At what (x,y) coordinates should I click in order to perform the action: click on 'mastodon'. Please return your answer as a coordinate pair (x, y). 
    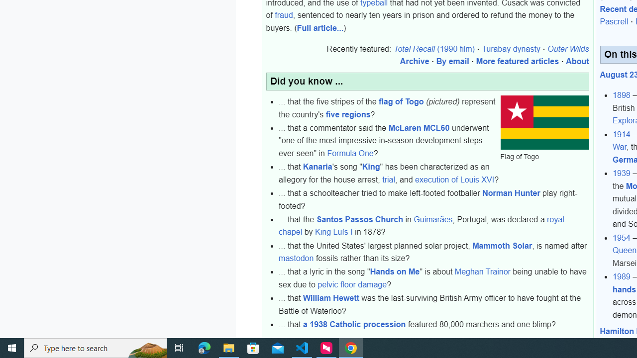
    Looking at the image, I should click on (296, 258).